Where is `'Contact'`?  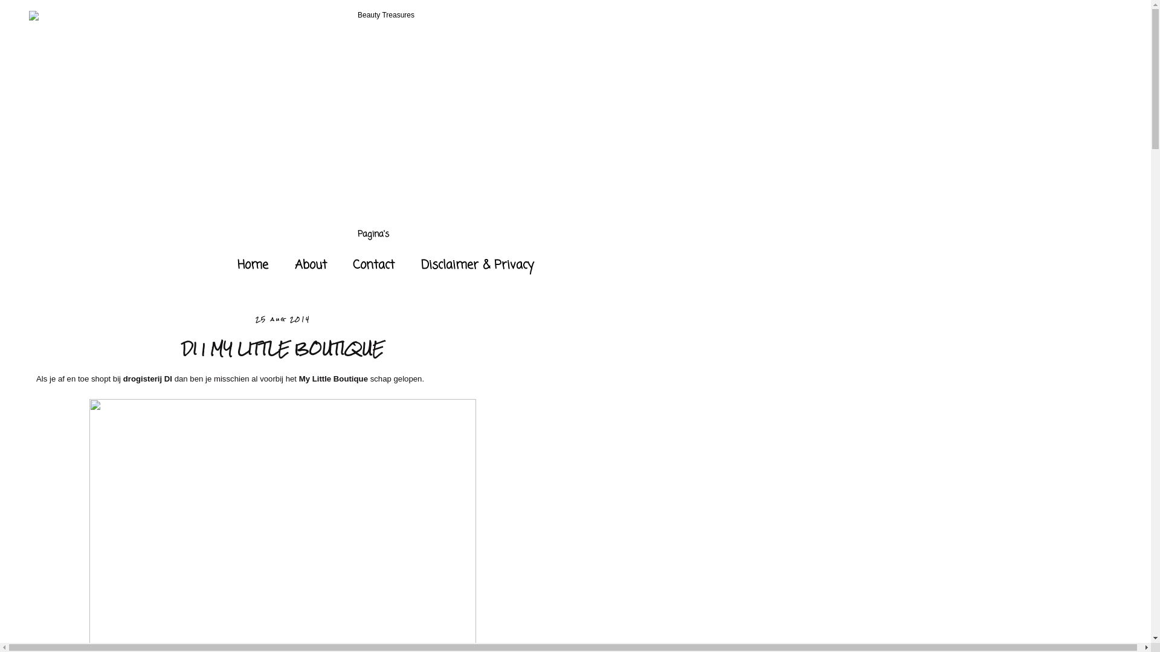 'Contact' is located at coordinates (373, 264).